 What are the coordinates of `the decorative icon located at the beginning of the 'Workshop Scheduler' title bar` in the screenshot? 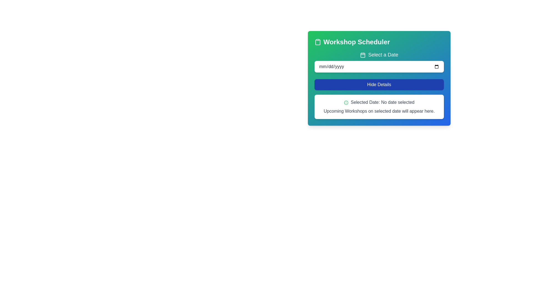 It's located at (318, 42).